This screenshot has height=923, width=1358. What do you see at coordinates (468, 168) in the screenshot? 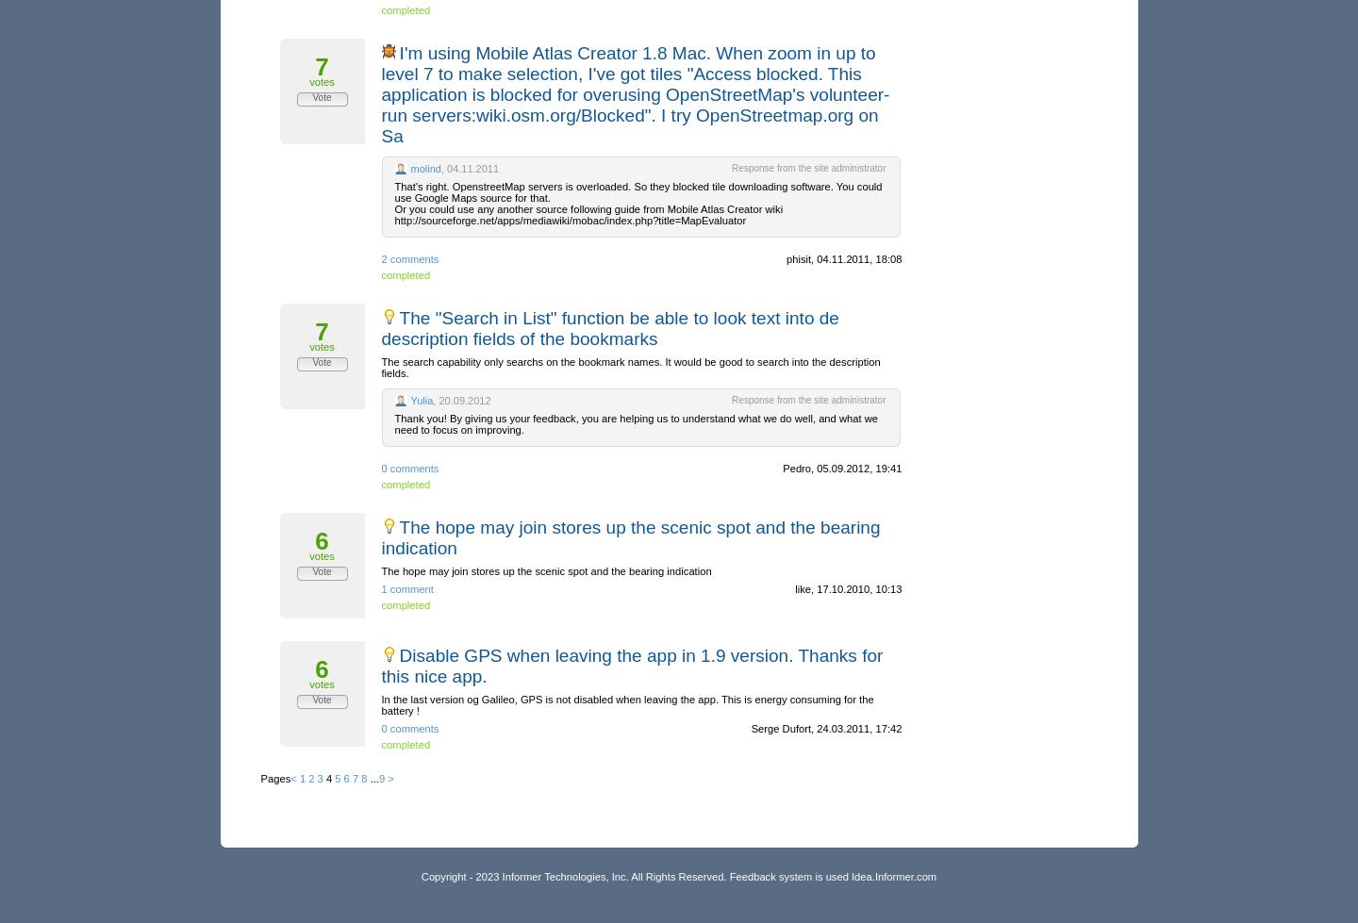
I see `', 04.11.2011'` at bounding box center [468, 168].